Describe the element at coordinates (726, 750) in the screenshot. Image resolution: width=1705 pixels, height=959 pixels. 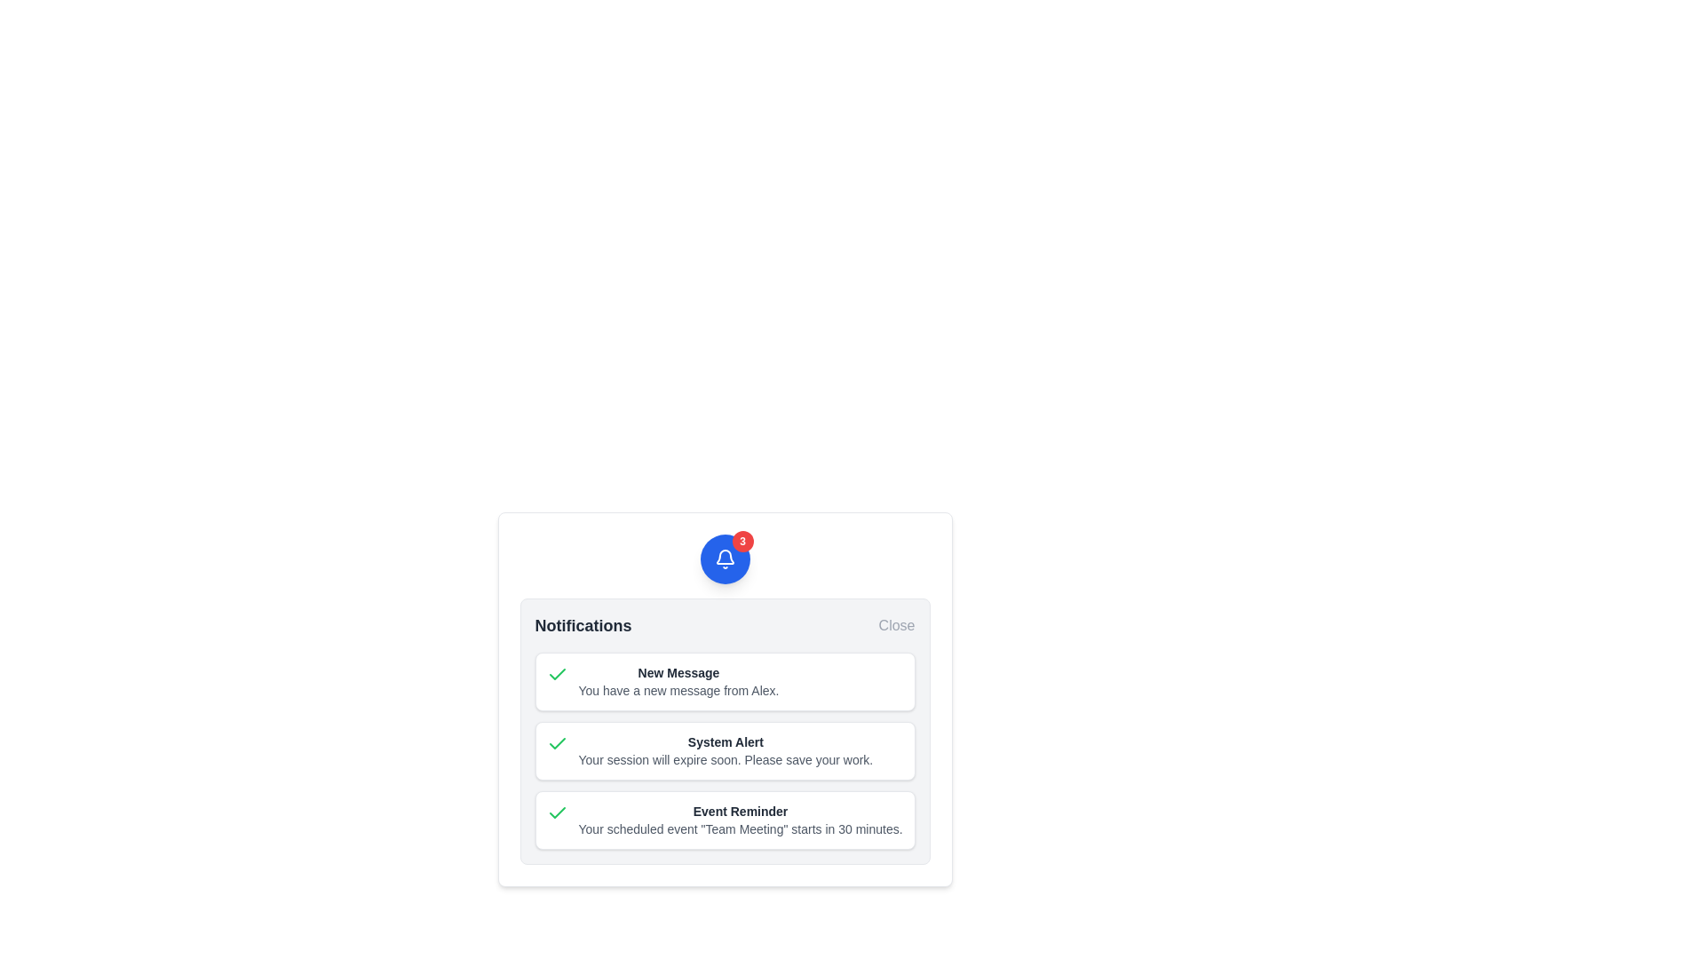
I see `the 'System Alert' notification card, which is the second notification in the panel` at that location.